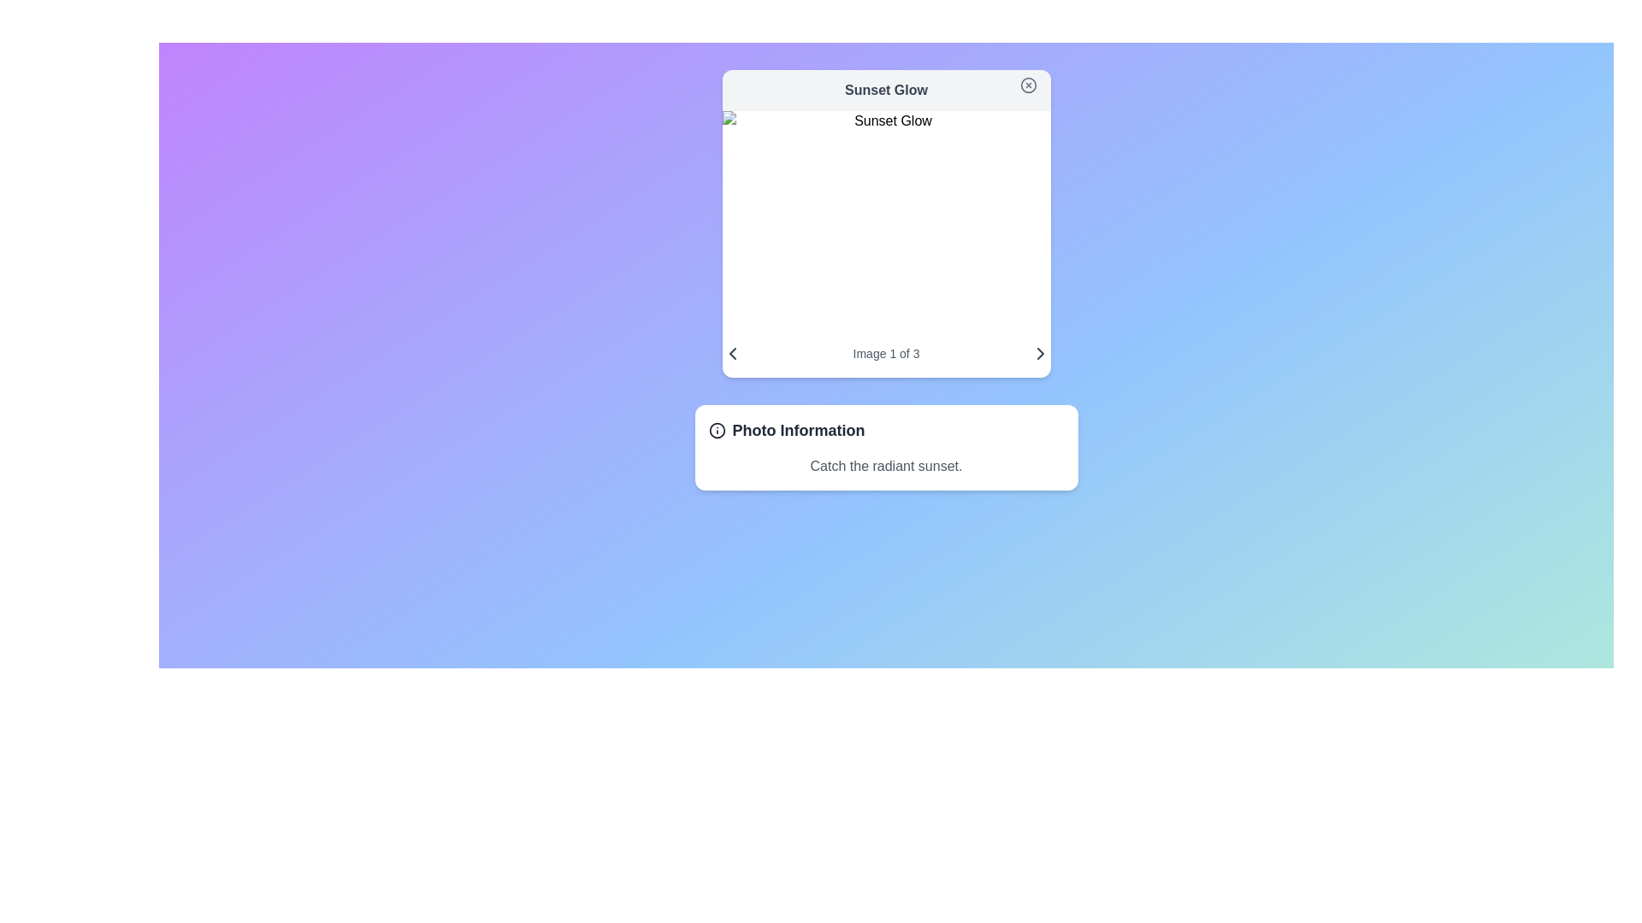 The height and width of the screenshot is (923, 1642). Describe the element at coordinates (1027, 85) in the screenshot. I see `the circular button with a cross shape inside, located in the top-right corner of the 'Sunset Glow' card` at that location.